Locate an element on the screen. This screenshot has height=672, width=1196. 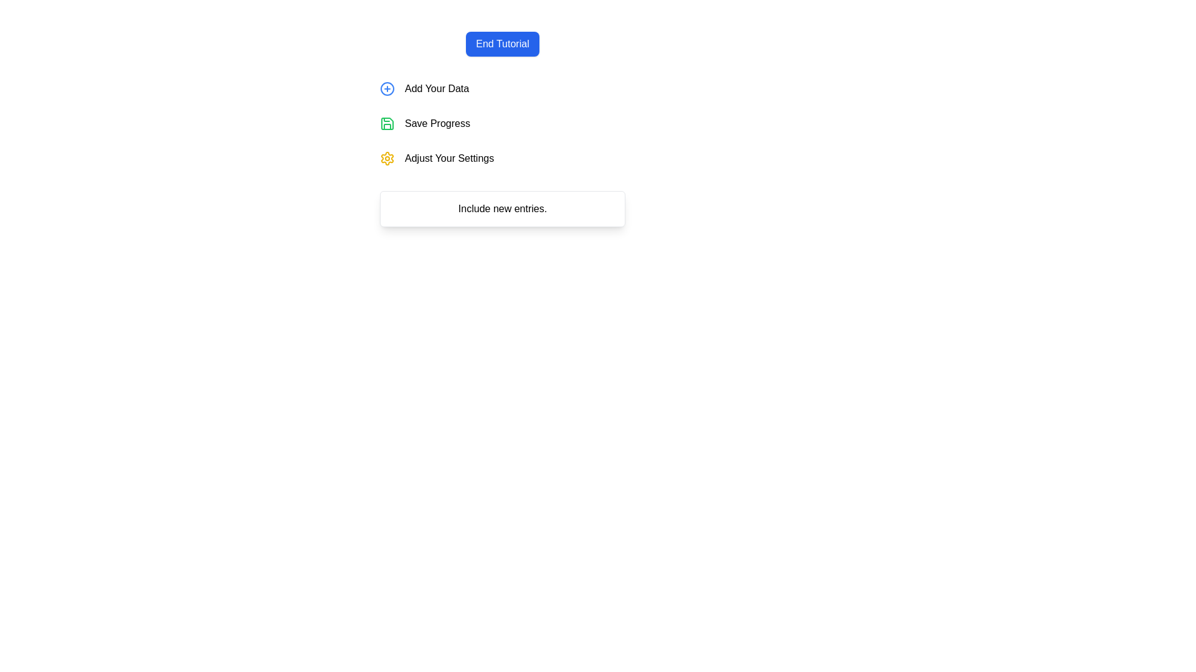
the settings icon located to the left of the text 'Adjust Your Settings' is located at coordinates (387, 157).